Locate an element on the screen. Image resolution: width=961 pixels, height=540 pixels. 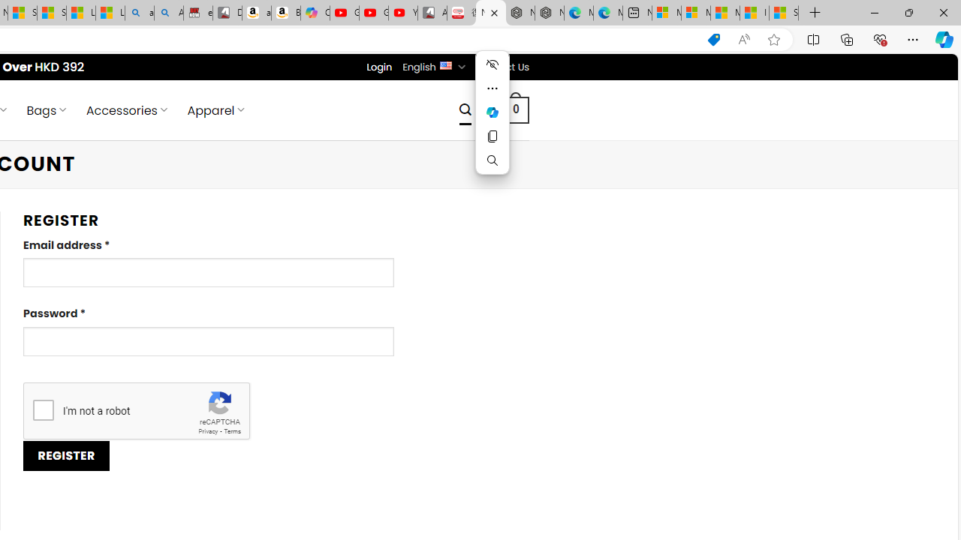
'Contact Us' is located at coordinates (502, 66).